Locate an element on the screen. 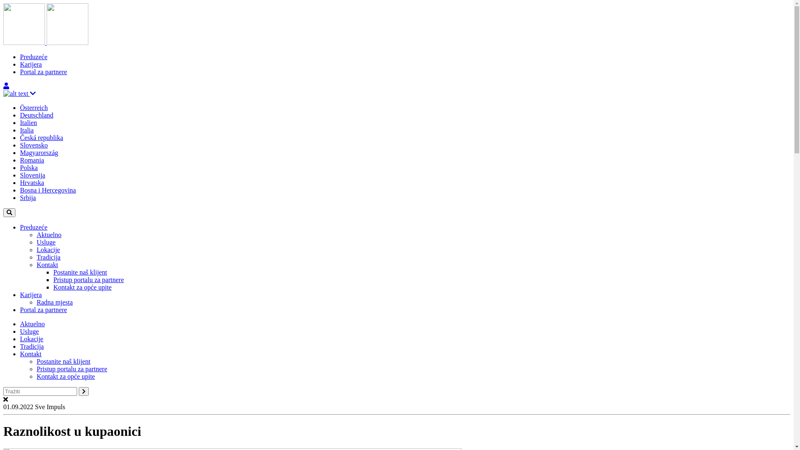  'Italia' is located at coordinates (27, 130).